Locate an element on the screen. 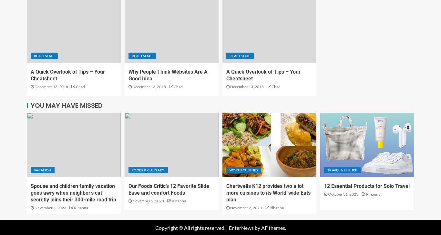  '12 Essential Products for Solo Travel' is located at coordinates (324, 186).